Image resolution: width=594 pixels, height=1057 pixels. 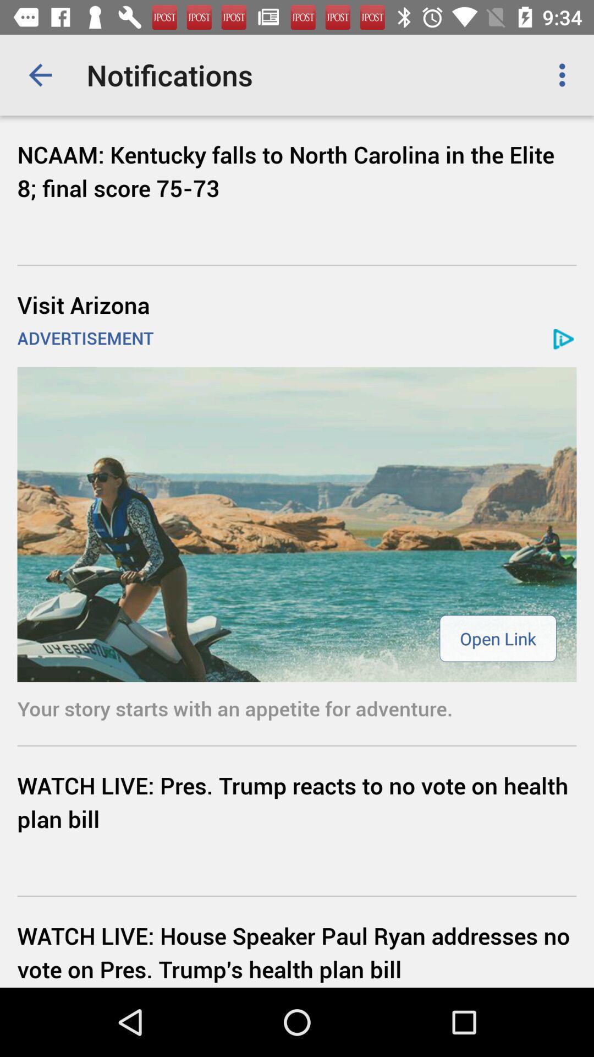 What do you see at coordinates (40, 74) in the screenshot?
I see `icon above ncaam kentucky falls` at bounding box center [40, 74].